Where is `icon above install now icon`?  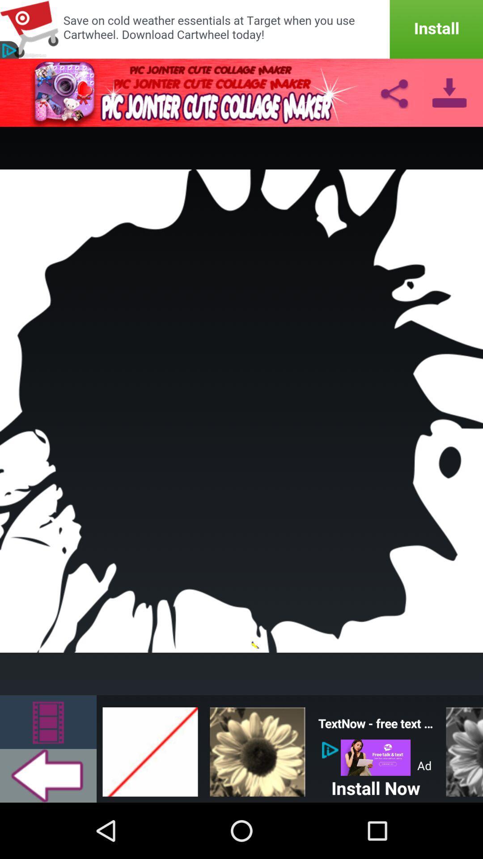 icon above install now icon is located at coordinates (376, 757).